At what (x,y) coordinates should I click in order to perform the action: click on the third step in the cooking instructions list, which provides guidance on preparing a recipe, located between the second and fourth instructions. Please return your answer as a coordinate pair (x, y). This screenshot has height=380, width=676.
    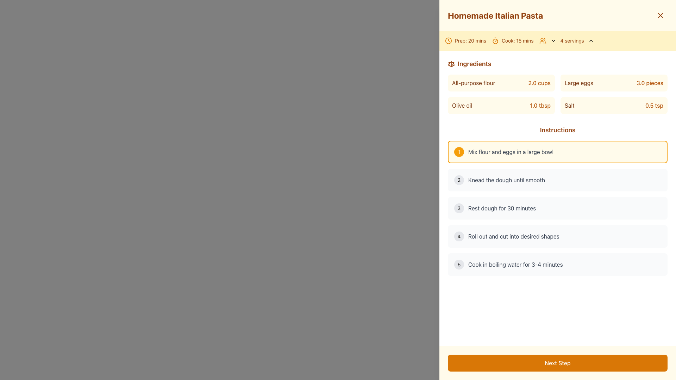
    Looking at the image, I should click on (557, 208).